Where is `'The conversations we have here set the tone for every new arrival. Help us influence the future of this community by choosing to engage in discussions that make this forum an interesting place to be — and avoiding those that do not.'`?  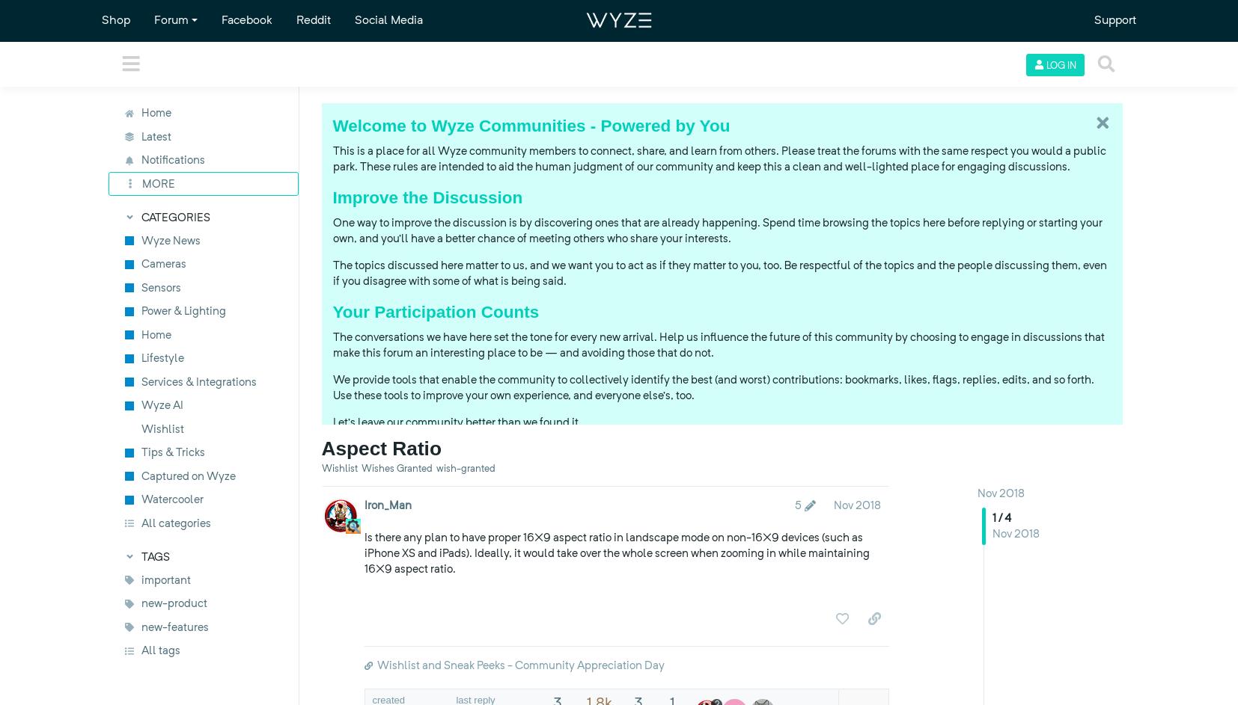 'The conversations we have here set the tone for every new arrival. Help us influence the future of this community by choosing to engage in discussions that make this forum an interesting place to be — and avoiding those that do not.' is located at coordinates (717, 345).